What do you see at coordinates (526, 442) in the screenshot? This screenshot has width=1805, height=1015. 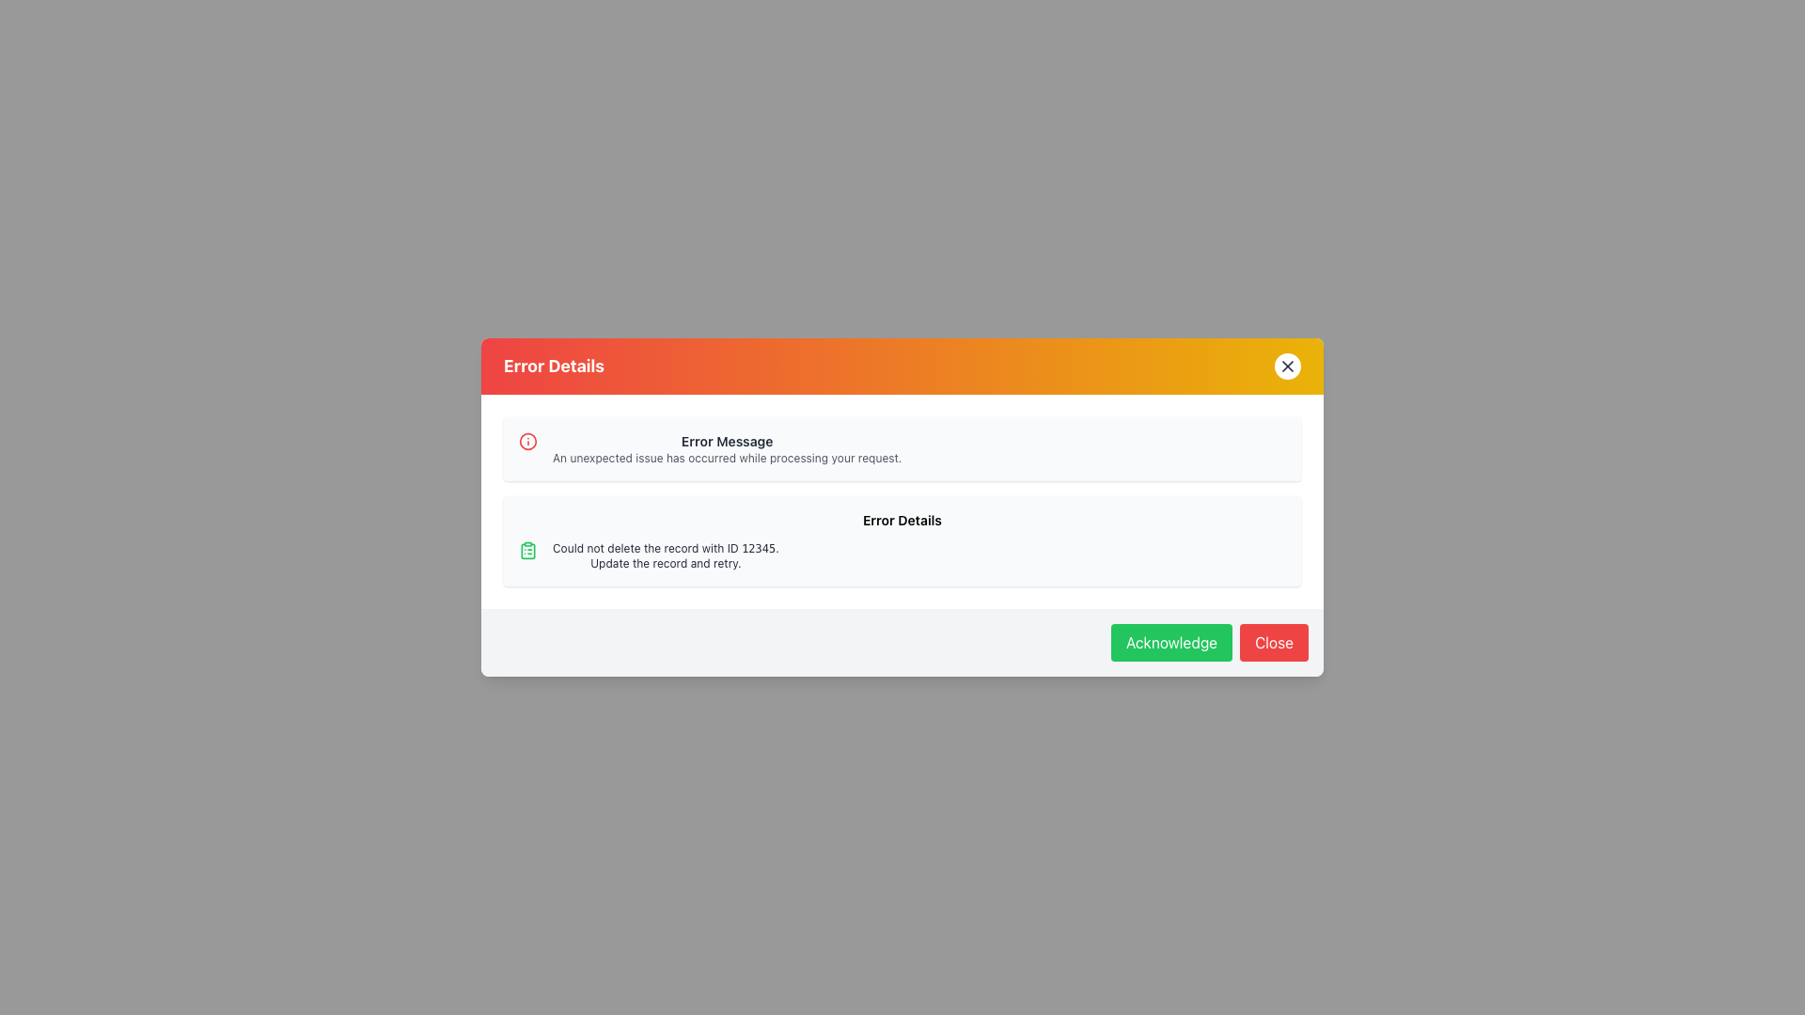 I see `the decorative part of the informational icon located next to the error message text in the notification panel` at bounding box center [526, 442].